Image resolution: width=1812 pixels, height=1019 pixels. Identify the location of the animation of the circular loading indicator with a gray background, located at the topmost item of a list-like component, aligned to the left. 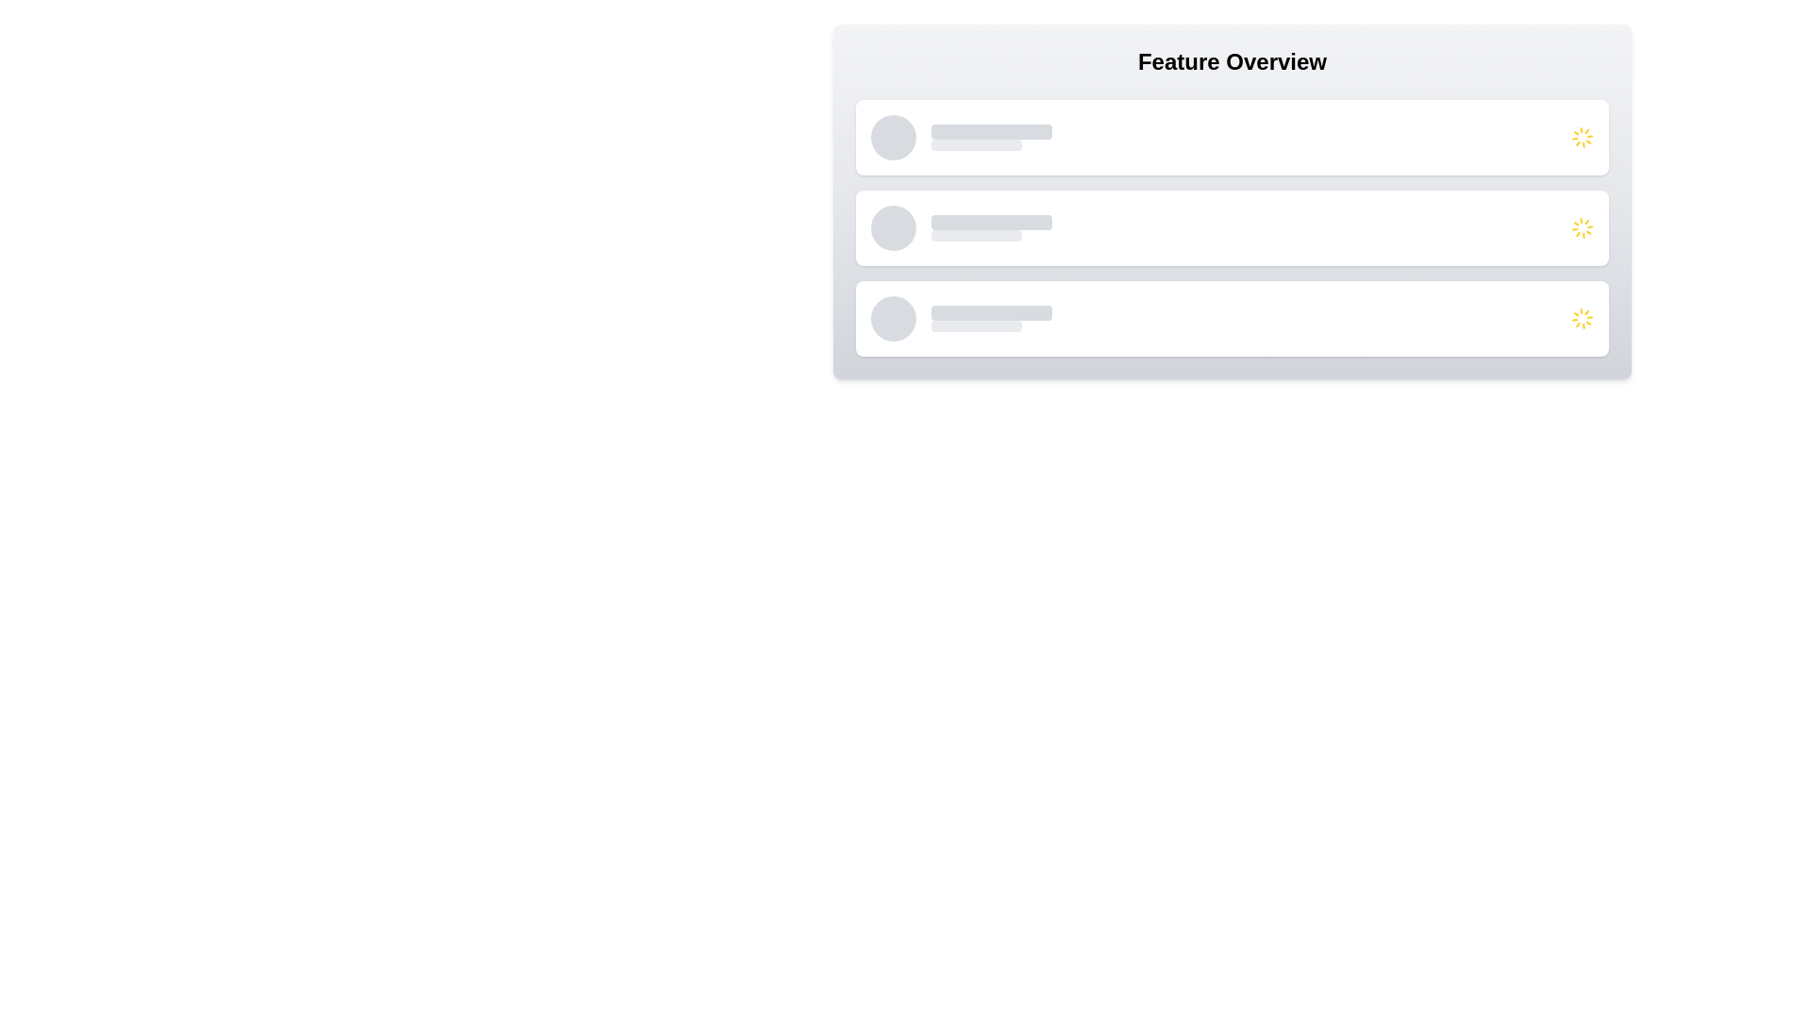
(892, 137).